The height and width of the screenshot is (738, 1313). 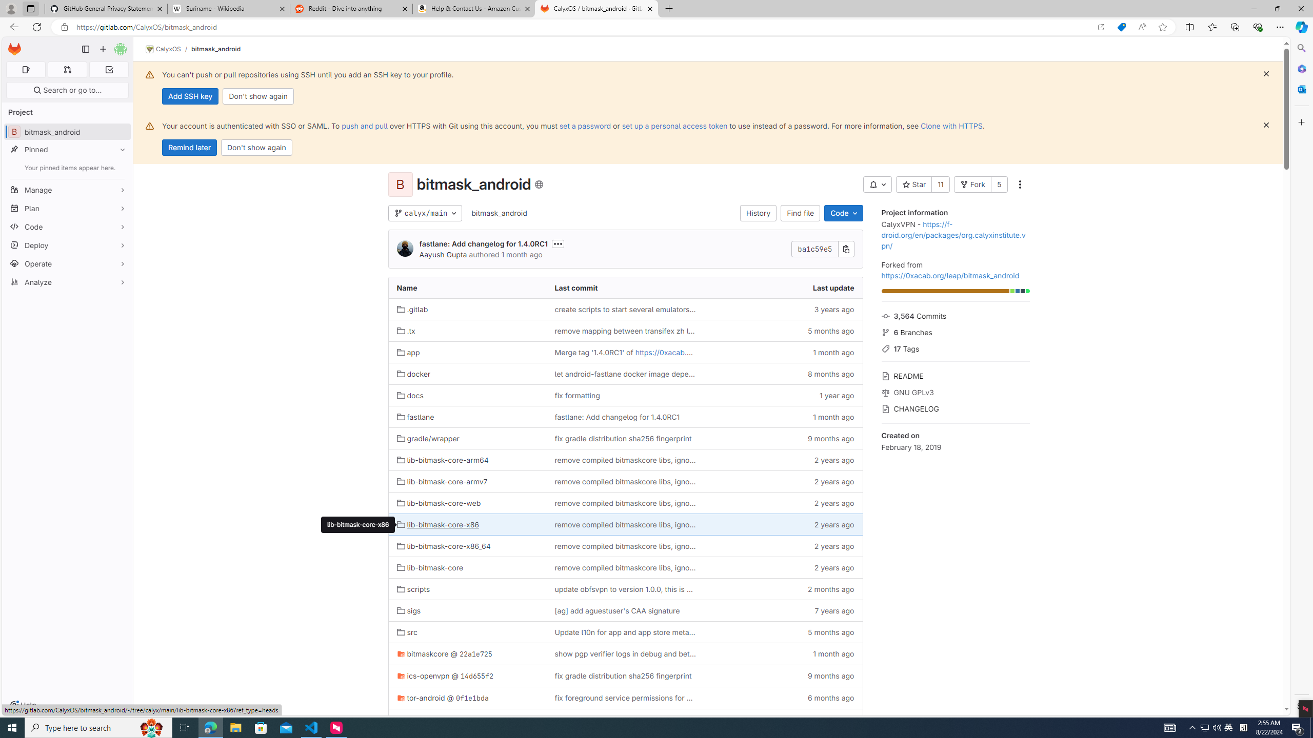 I want to click on '3,564 Commits', so click(x=955, y=314).